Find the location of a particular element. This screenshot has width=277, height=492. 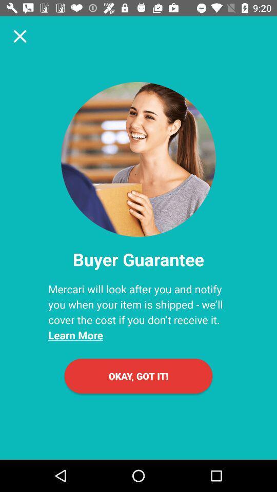

mercari will look icon is located at coordinates (138, 312).